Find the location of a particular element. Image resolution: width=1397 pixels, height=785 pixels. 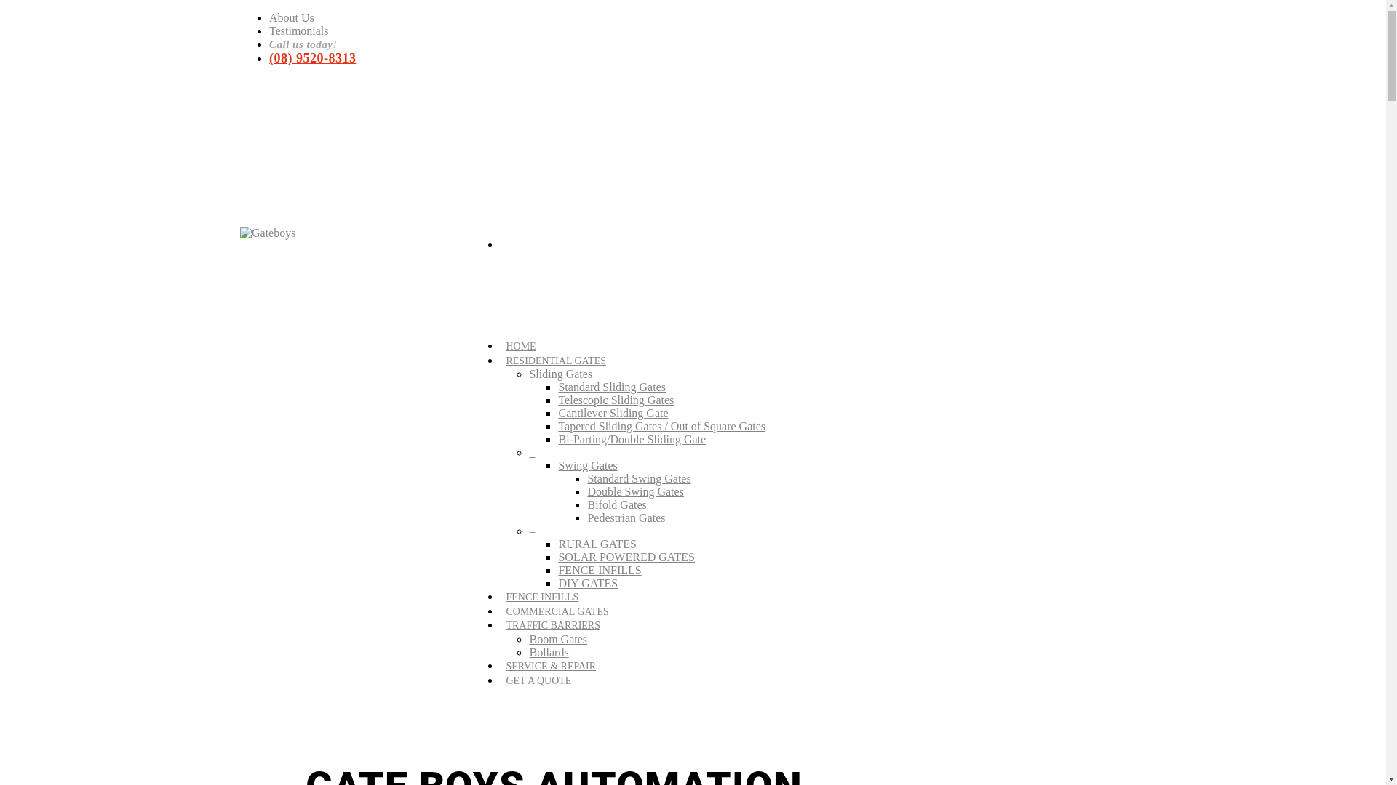

'Bollards' is located at coordinates (528, 651).